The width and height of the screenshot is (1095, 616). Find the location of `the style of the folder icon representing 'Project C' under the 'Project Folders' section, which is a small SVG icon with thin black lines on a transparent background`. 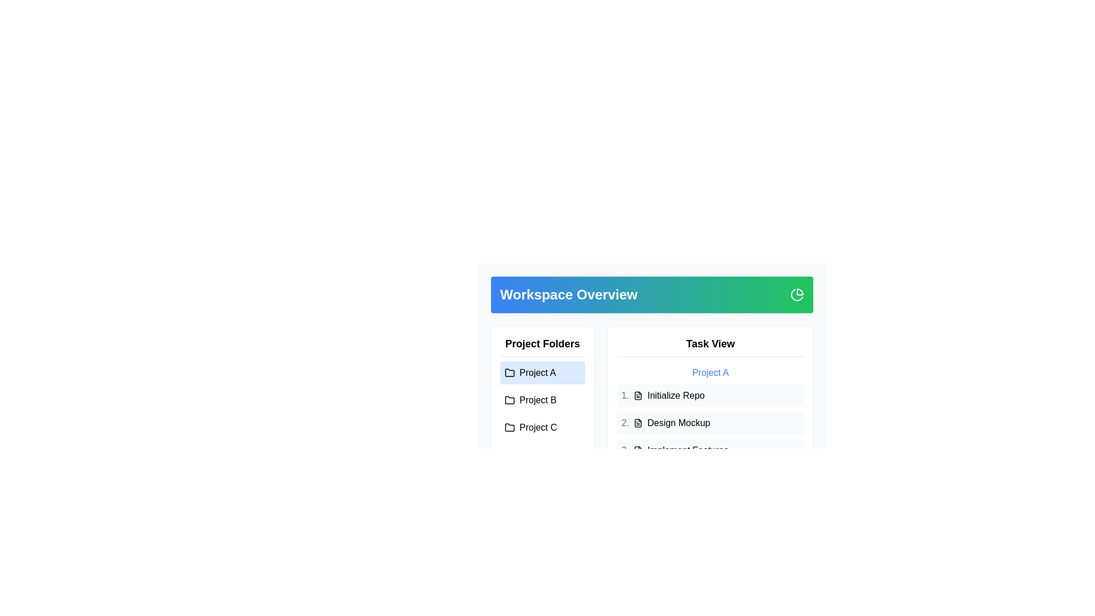

the style of the folder icon representing 'Project C' under the 'Project Folders' section, which is a small SVG icon with thin black lines on a transparent background is located at coordinates (509, 427).